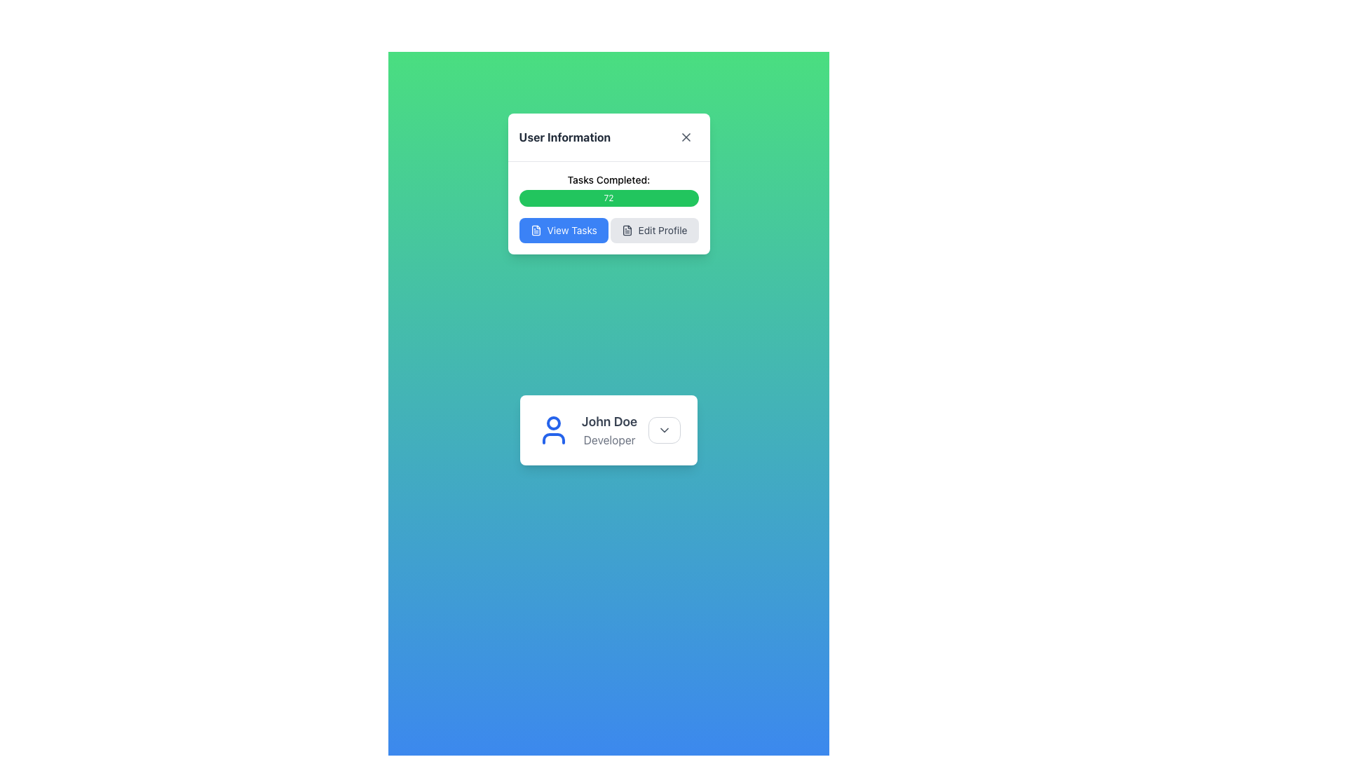 The image size is (1346, 757). I want to click on the 'Edit Profile' button located in the 'User Information' card, positioned below the heading 'Tasks Completed:' and above the 'View Tasks' button, so click(609, 208).